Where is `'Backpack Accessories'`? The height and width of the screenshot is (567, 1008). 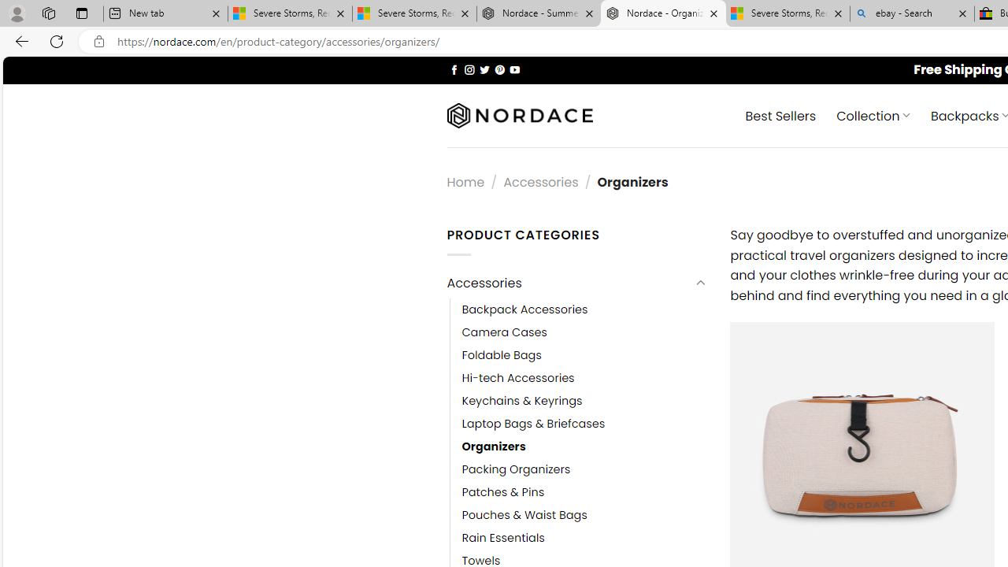
'Backpack Accessories' is located at coordinates (524, 309).